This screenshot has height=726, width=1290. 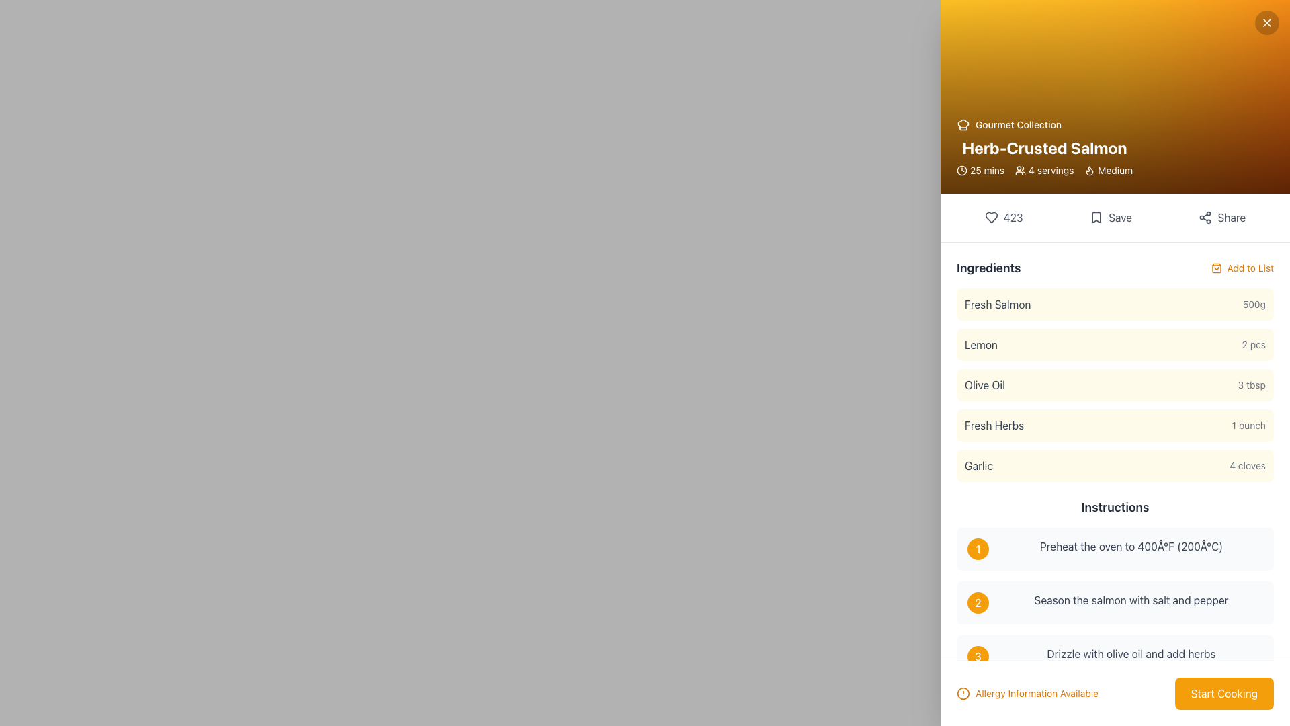 What do you see at coordinates (1205, 217) in the screenshot?
I see `the share icon button located adjacent to the 'Share' text in the upper-right section of the interface` at bounding box center [1205, 217].